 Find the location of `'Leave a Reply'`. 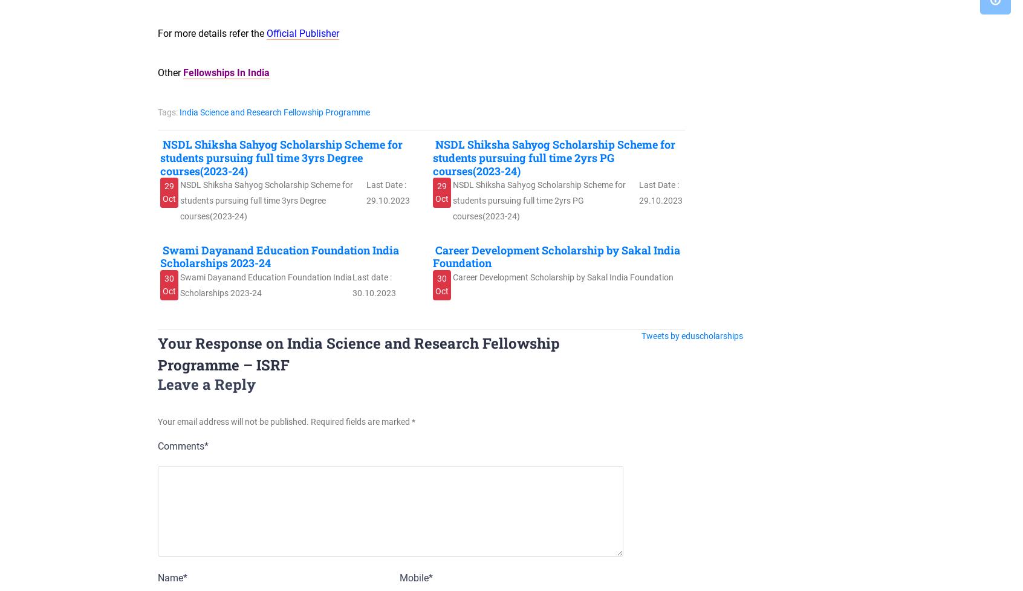

'Leave a Reply' is located at coordinates (206, 384).